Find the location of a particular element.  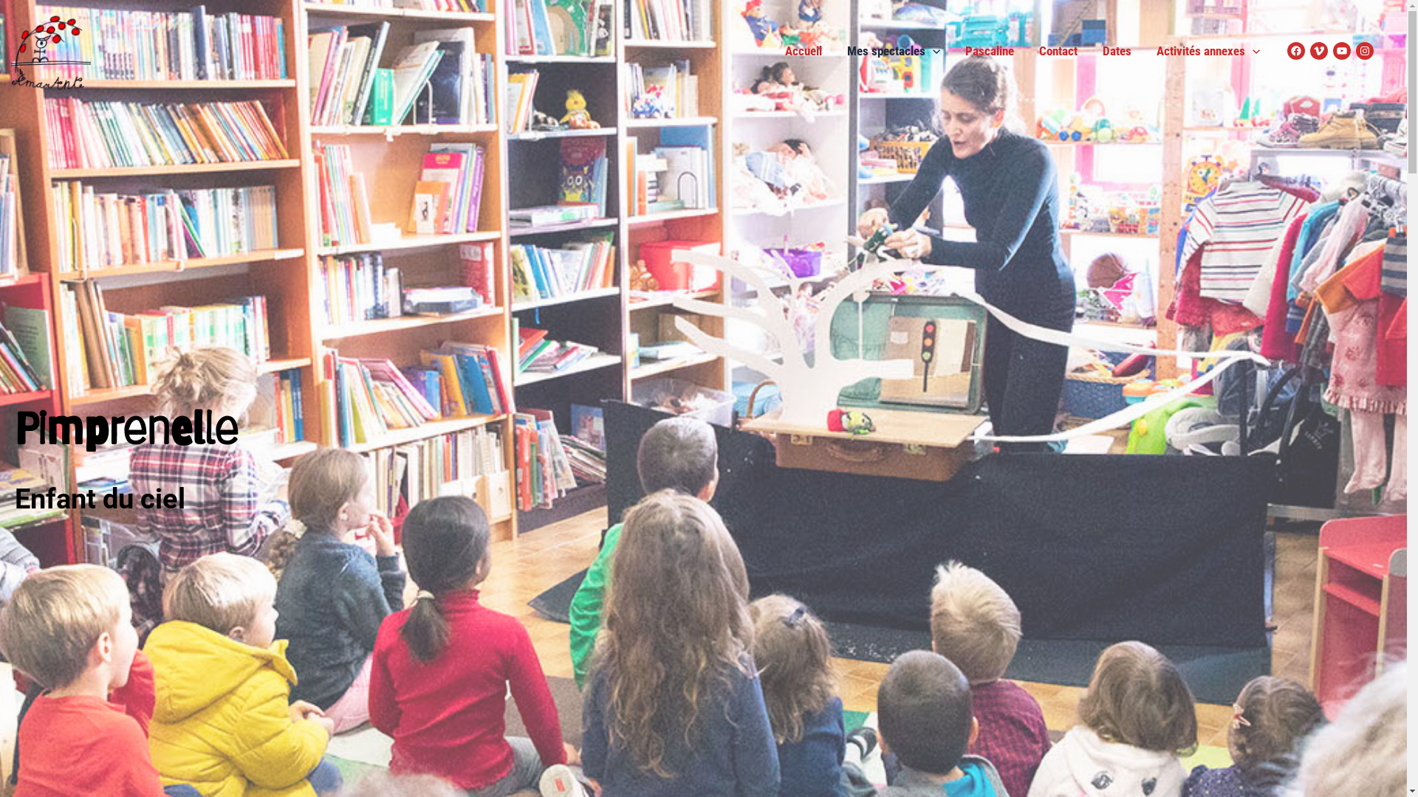

'Dates' is located at coordinates (1090, 50).